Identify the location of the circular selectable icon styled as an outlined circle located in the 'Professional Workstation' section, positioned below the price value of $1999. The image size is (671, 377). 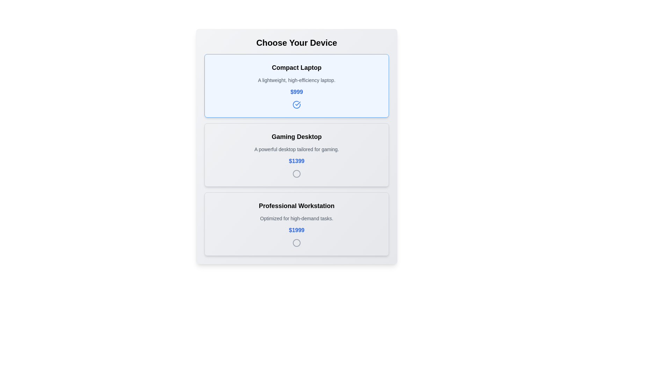
(297, 242).